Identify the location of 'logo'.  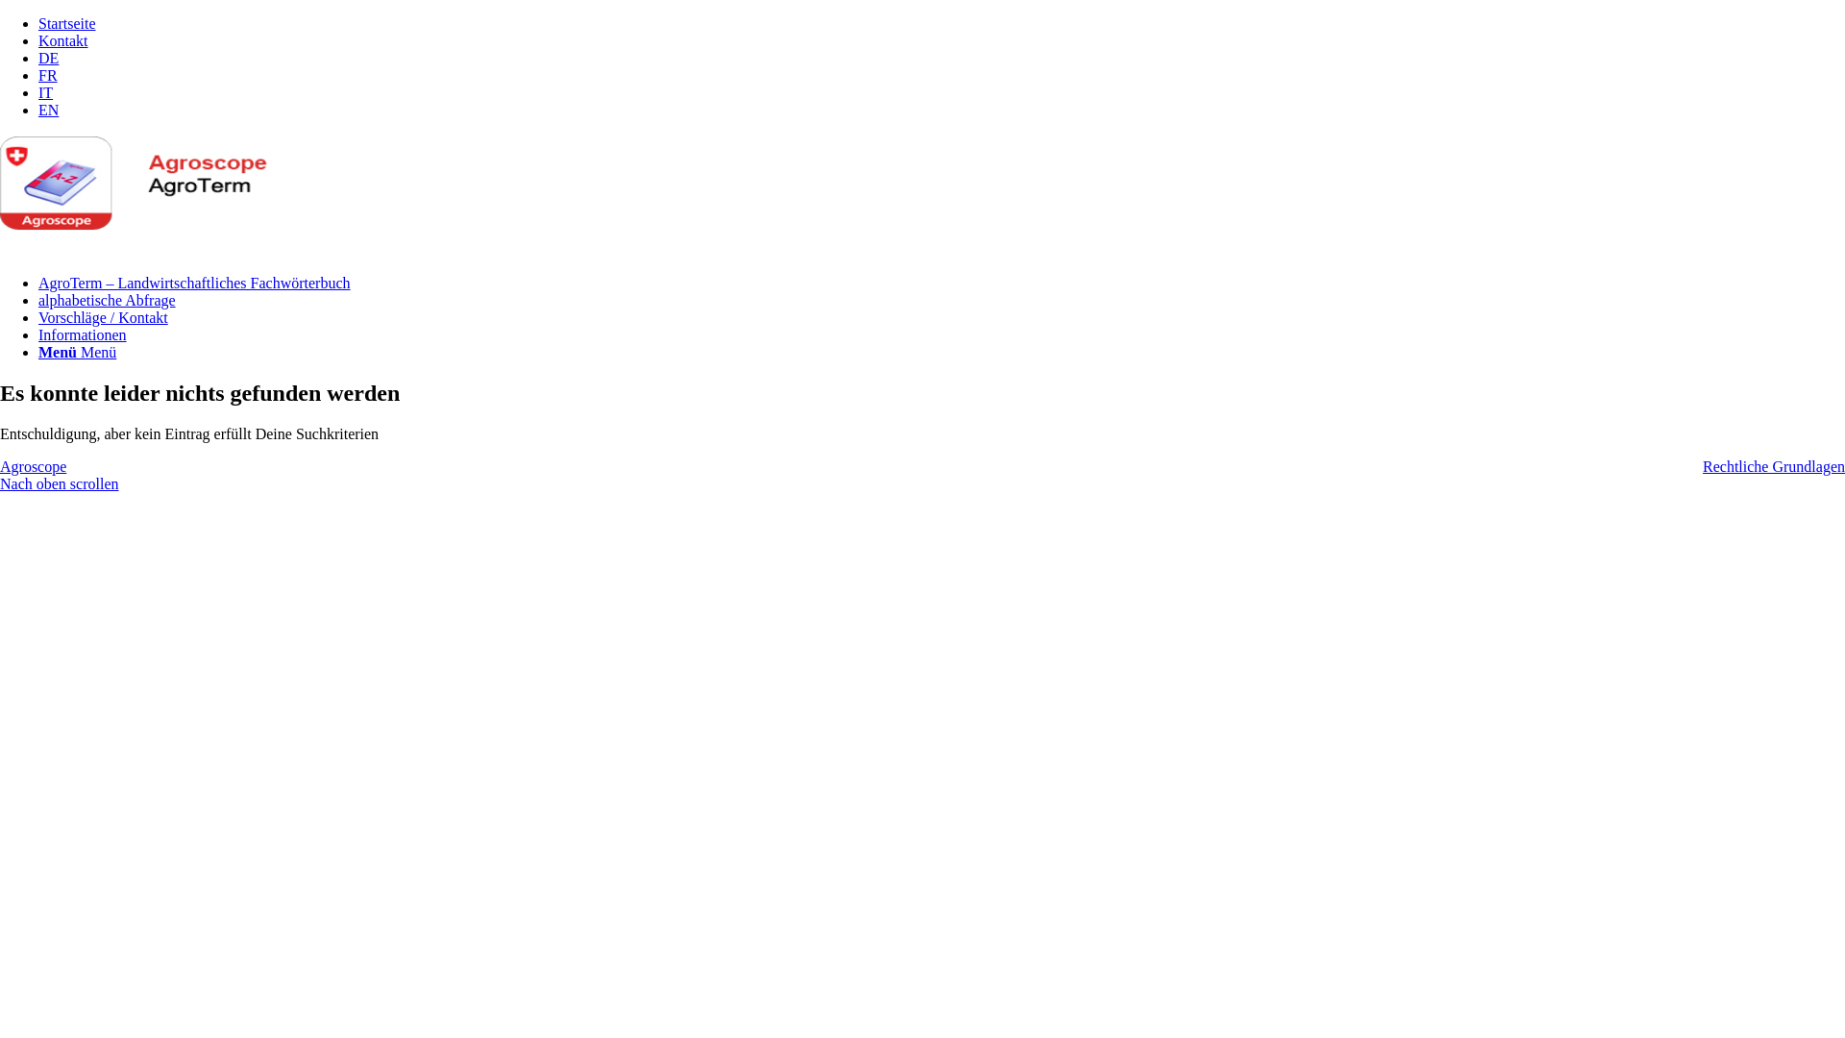
(142, 224).